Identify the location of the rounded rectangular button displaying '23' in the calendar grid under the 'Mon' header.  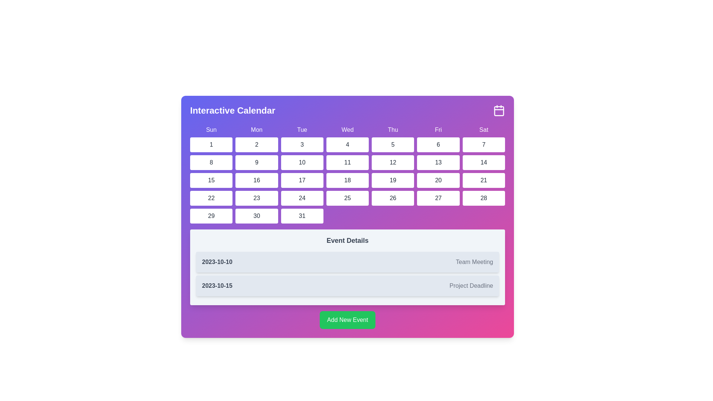
(257, 198).